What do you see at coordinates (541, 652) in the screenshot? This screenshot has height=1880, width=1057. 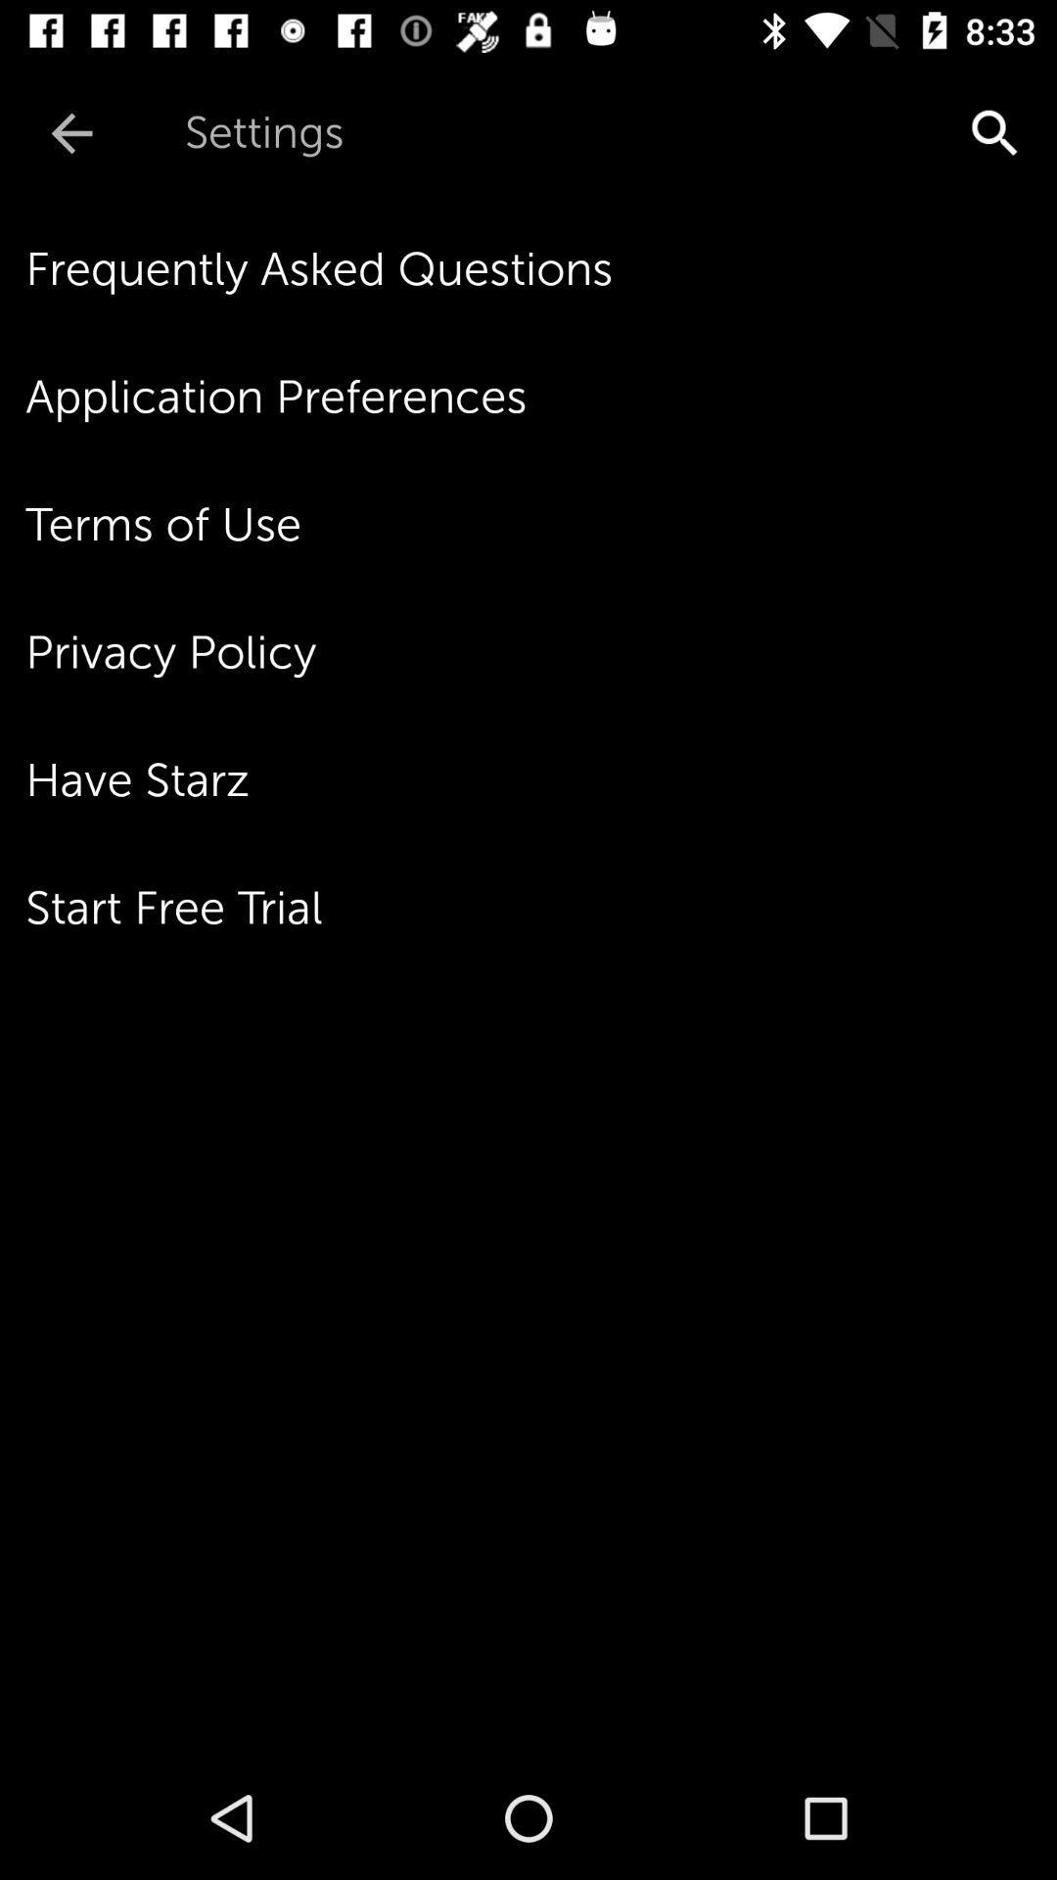 I see `the privacy policy icon` at bounding box center [541, 652].